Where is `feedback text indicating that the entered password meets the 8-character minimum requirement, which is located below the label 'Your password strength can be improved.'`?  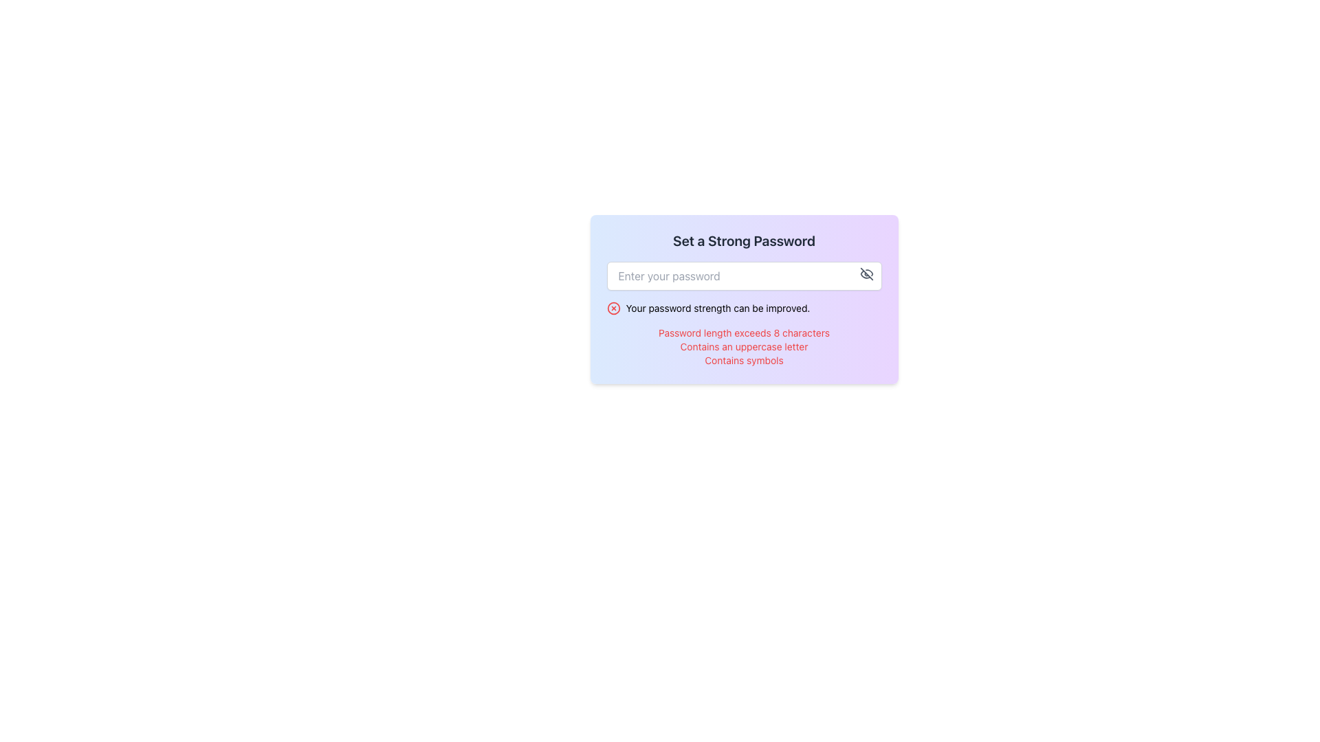
feedback text indicating that the entered password meets the 8-character minimum requirement, which is located below the label 'Your password strength can be improved.' is located at coordinates (743, 333).